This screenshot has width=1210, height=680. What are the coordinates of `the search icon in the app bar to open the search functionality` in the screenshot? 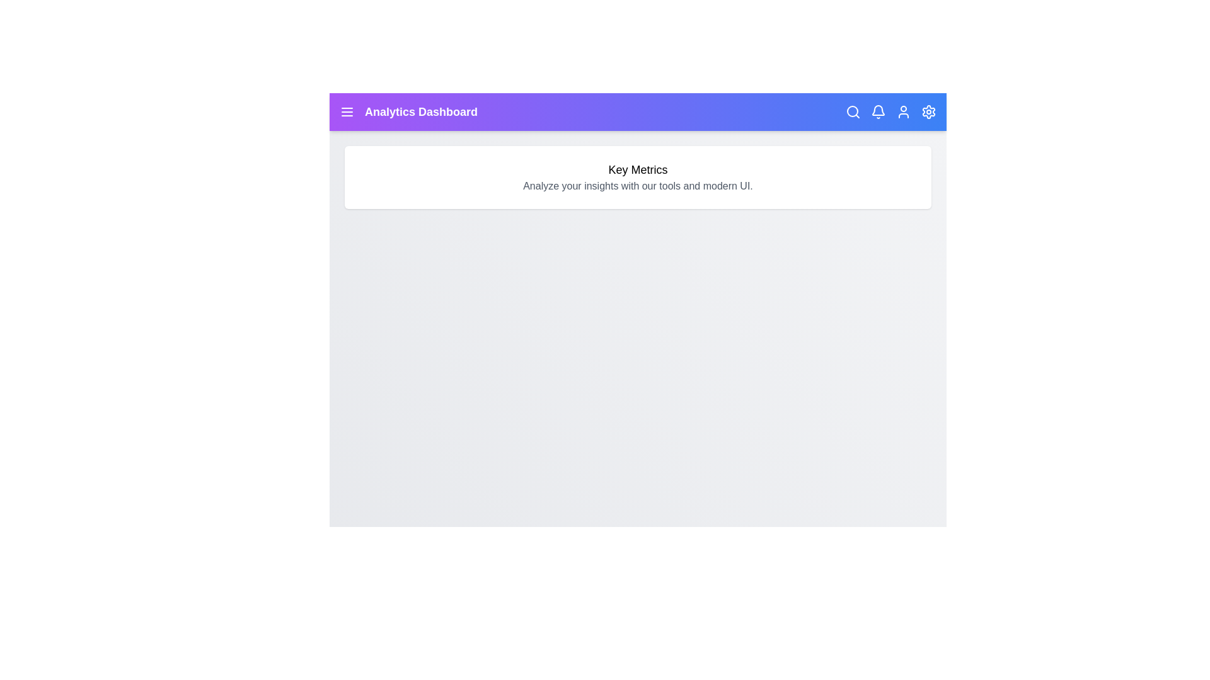 It's located at (853, 111).